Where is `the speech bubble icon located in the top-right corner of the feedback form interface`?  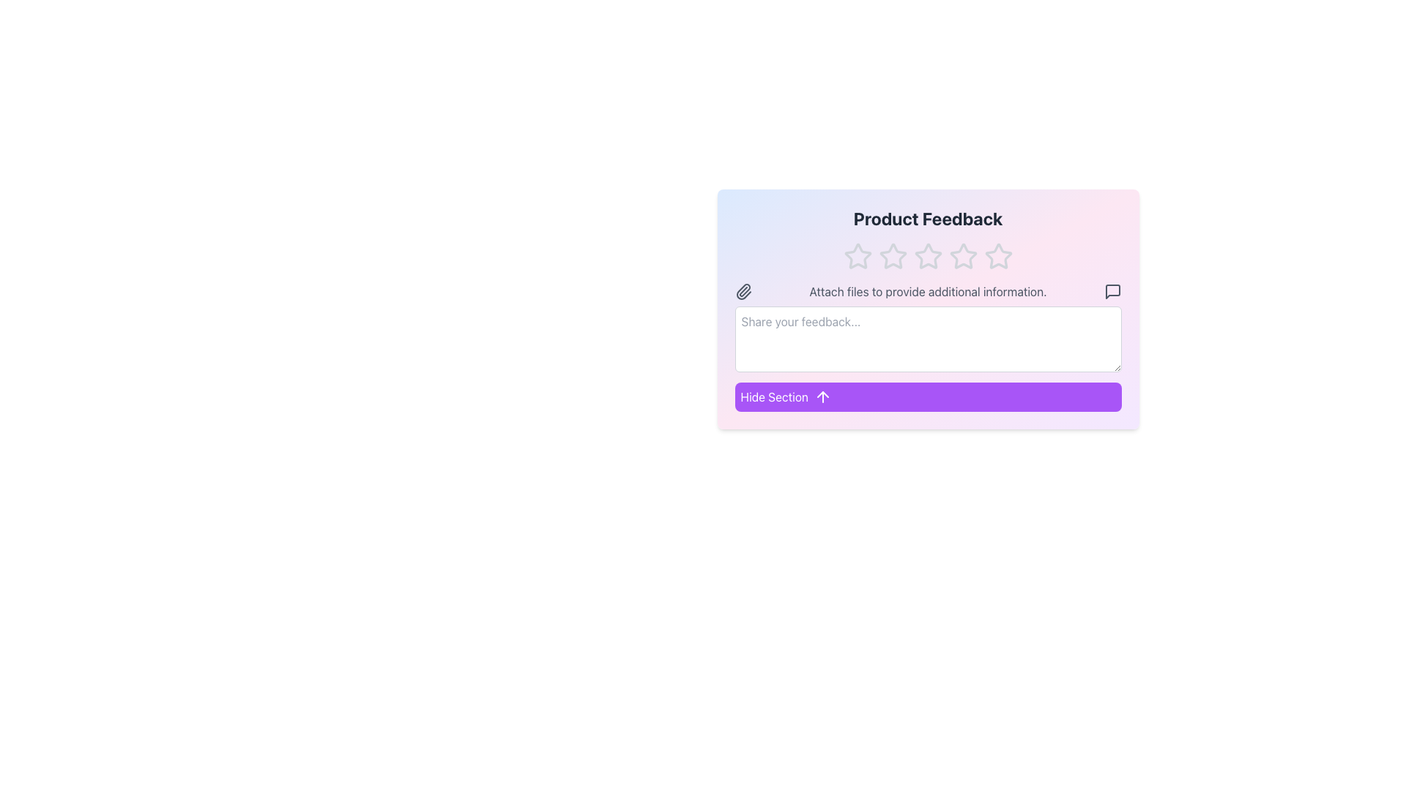
the speech bubble icon located in the top-right corner of the feedback form interface is located at coordinates (1112, 291).